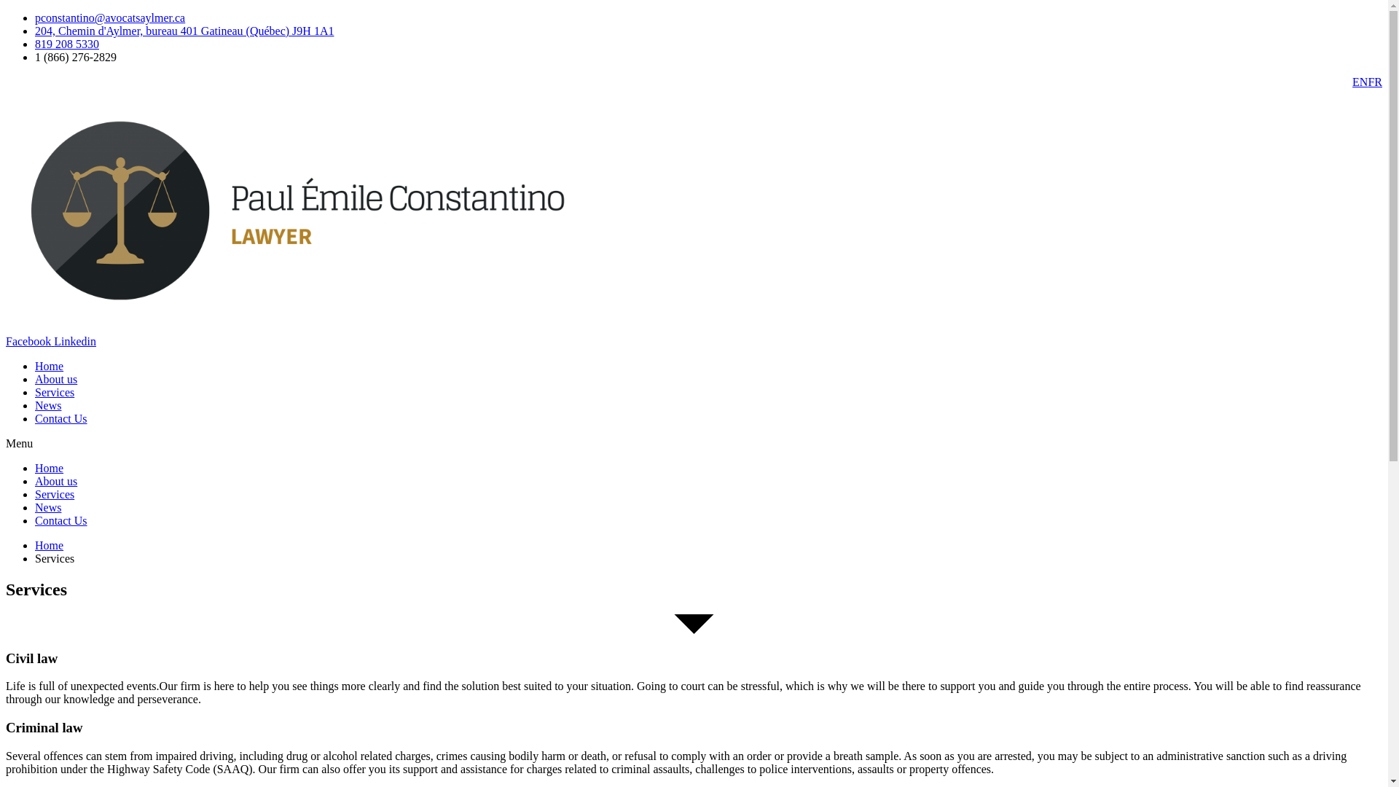 This screenshot has width=1399, height=787. I want to click on 'EN', so click(1359, 82).